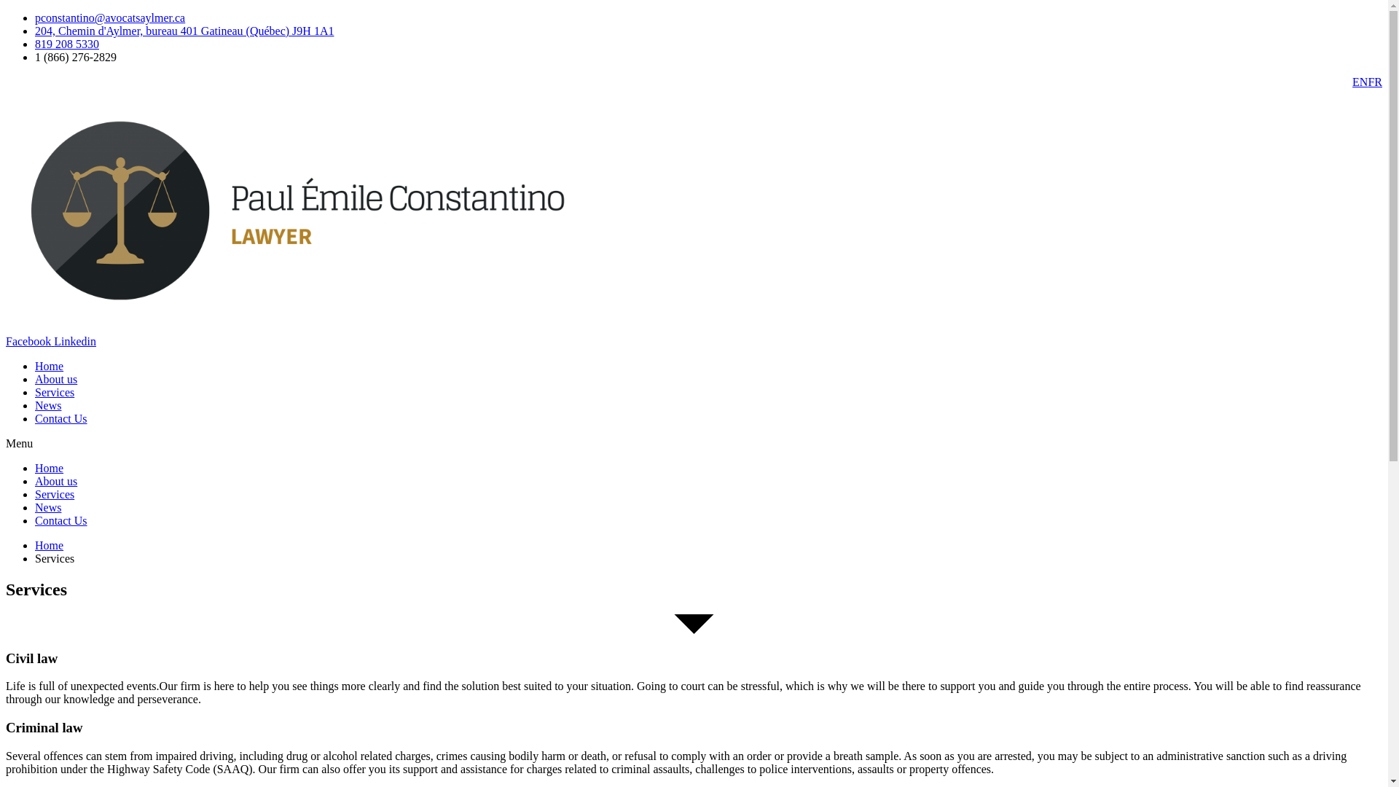 This screenshot has width=1399, height=787. I want to click on 'EN', so click(1359, 82).